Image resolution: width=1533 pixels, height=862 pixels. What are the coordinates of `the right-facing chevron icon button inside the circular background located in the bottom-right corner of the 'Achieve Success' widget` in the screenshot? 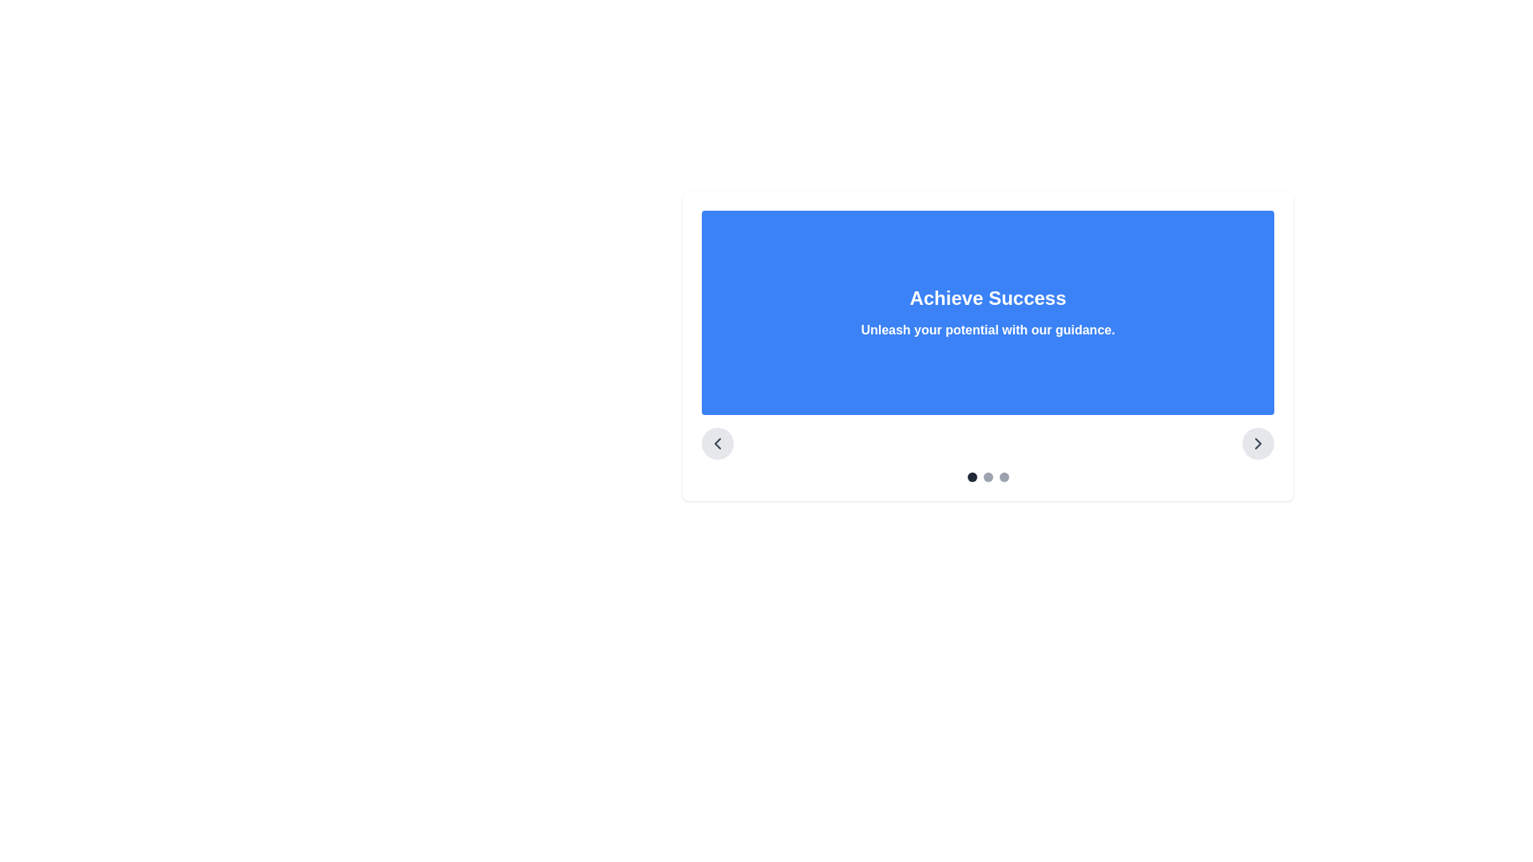 It's located at (1257, 443).